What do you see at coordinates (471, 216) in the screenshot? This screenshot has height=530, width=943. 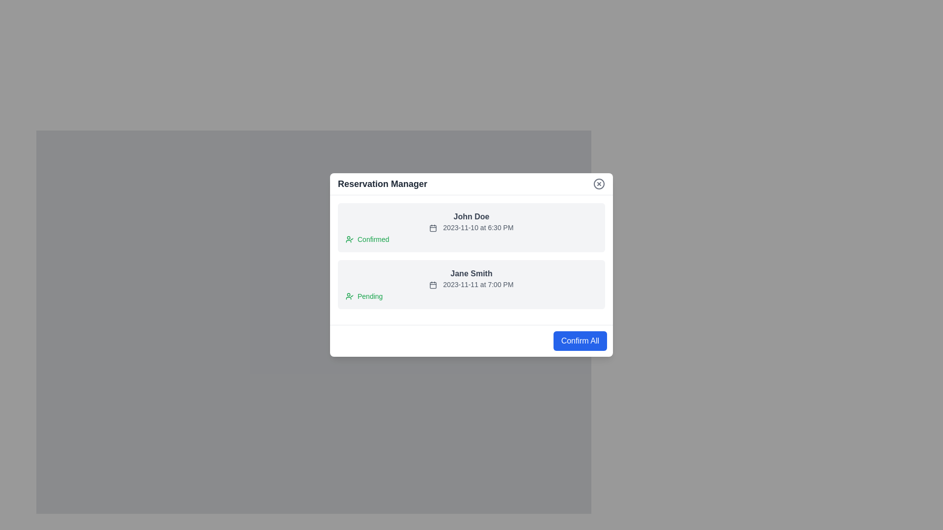 I see `the text label displaying the reservation name in the first reservation card of the 'Reservation Manager' dialog box` at bounding box center [471, 216].